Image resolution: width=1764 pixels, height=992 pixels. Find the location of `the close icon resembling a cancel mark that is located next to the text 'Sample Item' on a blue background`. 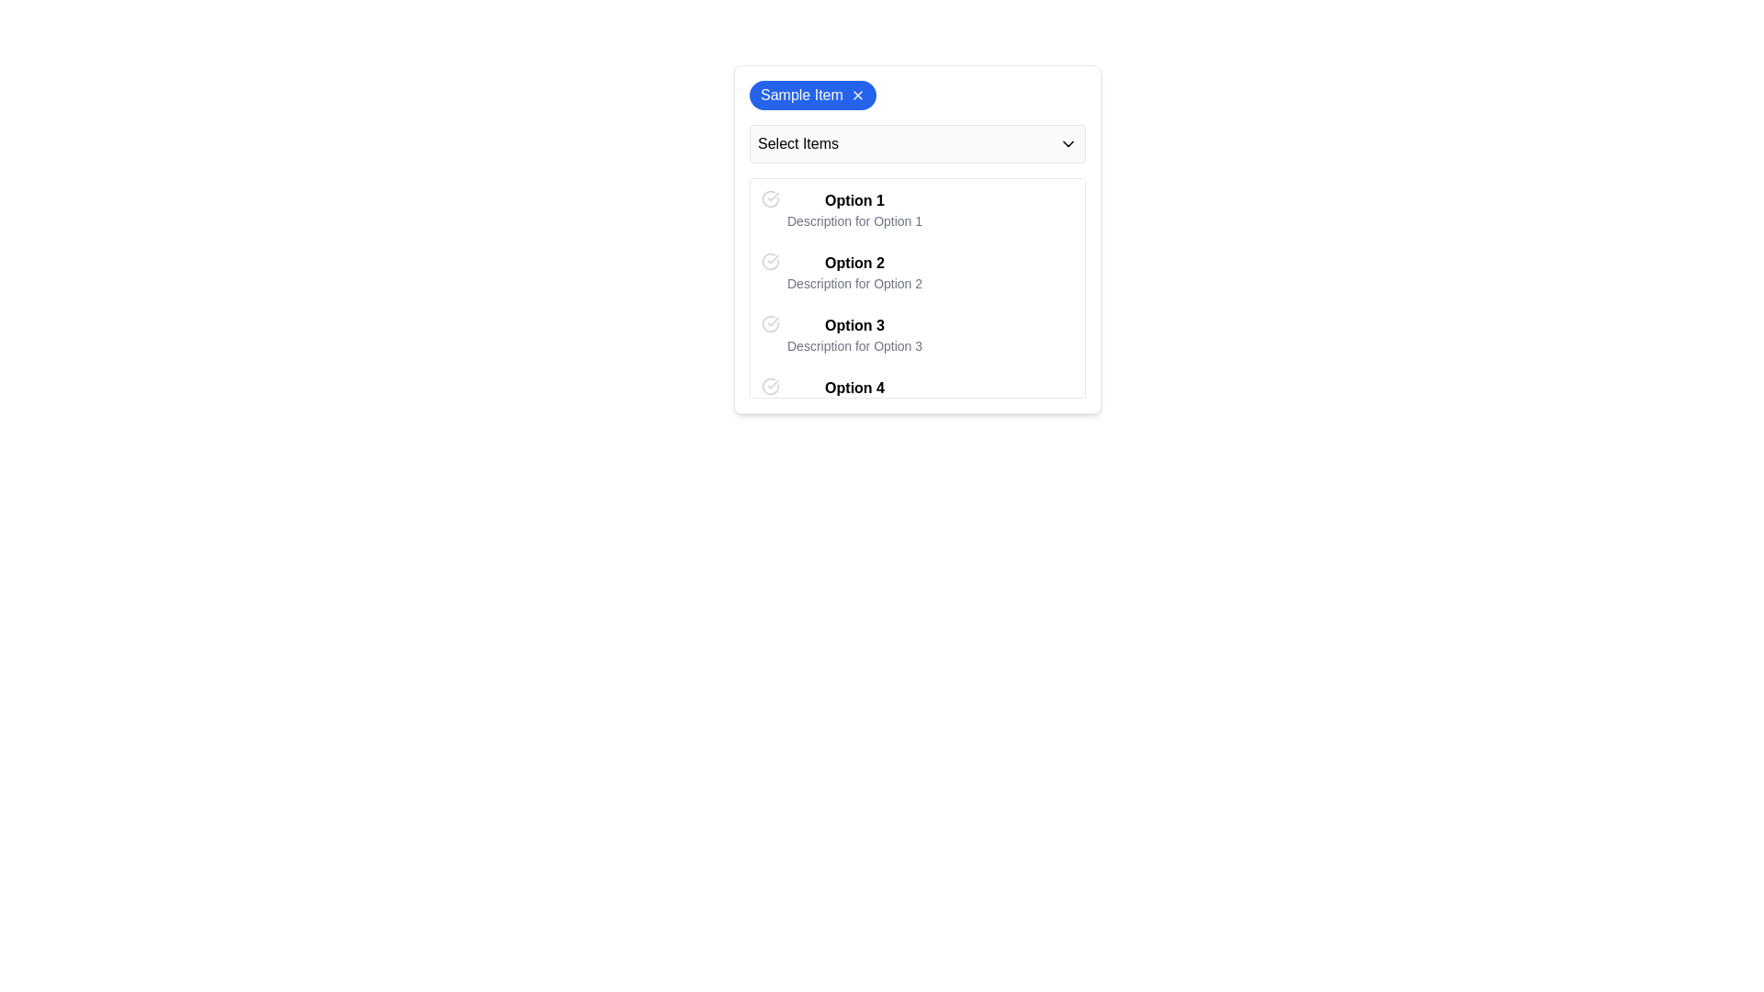

the close icon resembling a cancel mark that is located next to the text 'Sample Item' on a blue background is located at coordinates (856, 96).